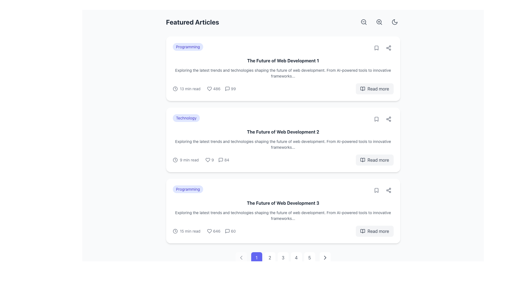  I want to click on the open book SVG icon component located within the 'Read more' button in the first content card under the heading 'The Future of Web Development 1.', so click(363, 88).